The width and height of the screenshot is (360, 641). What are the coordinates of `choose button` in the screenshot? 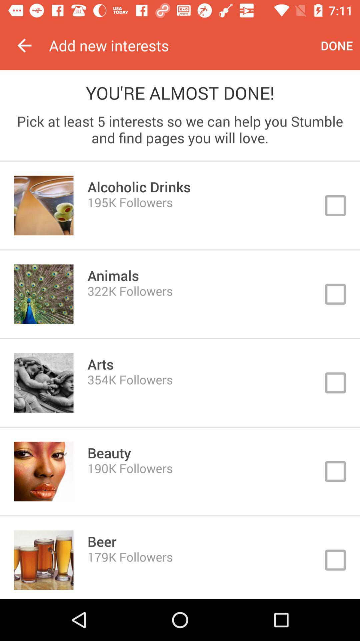 It's located at (180, 205).